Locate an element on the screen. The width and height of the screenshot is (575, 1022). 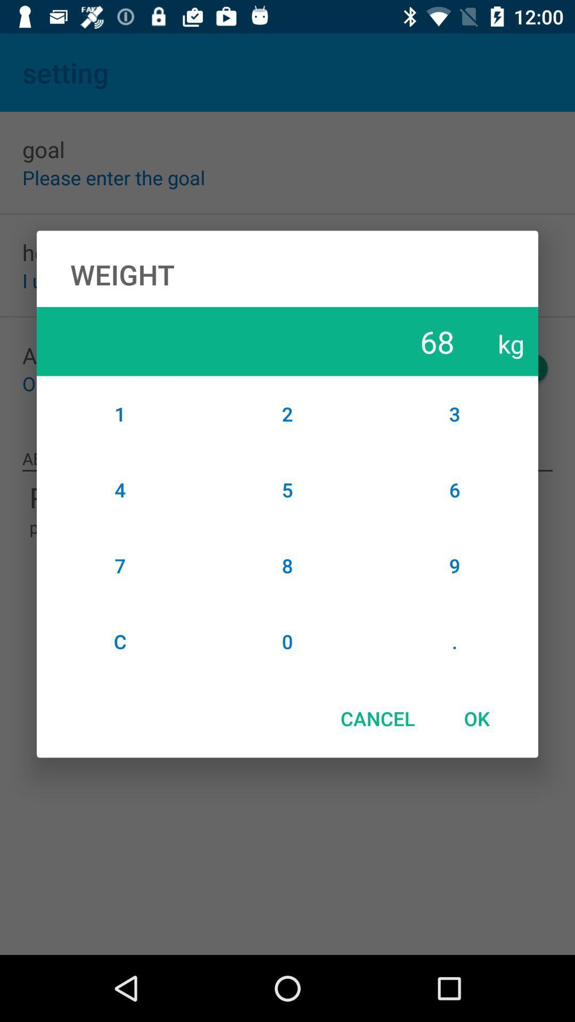
the item next to 2 item is located at coordinates (455, 489).